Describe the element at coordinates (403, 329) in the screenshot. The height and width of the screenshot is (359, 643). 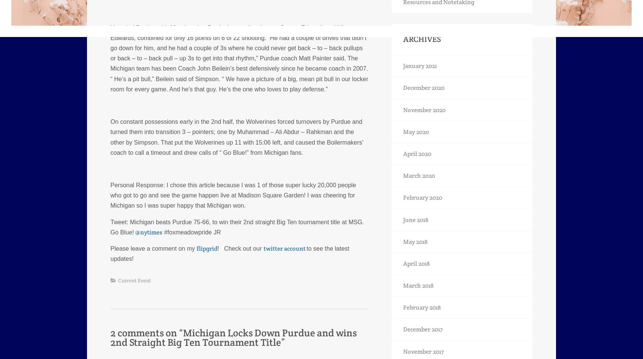
I see `'December 2017'` at that location.